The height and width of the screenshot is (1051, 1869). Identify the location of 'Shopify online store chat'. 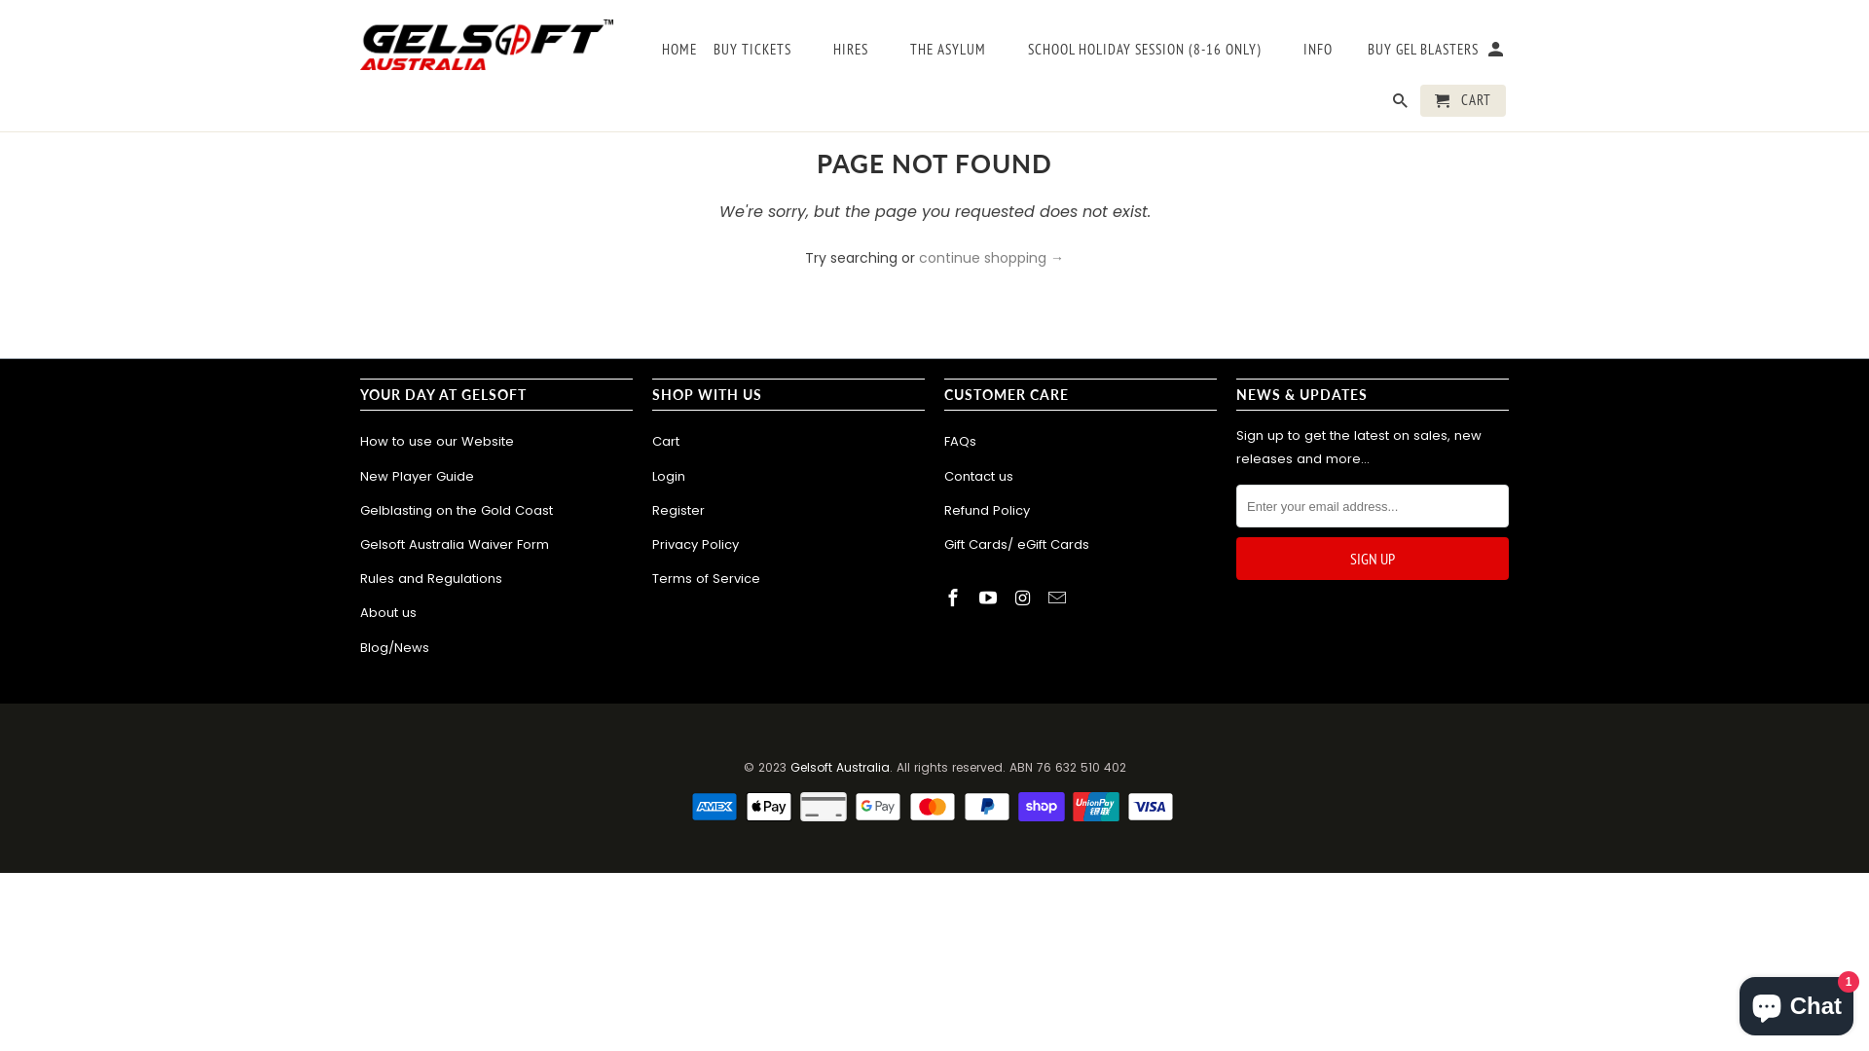
(1733, 1001).